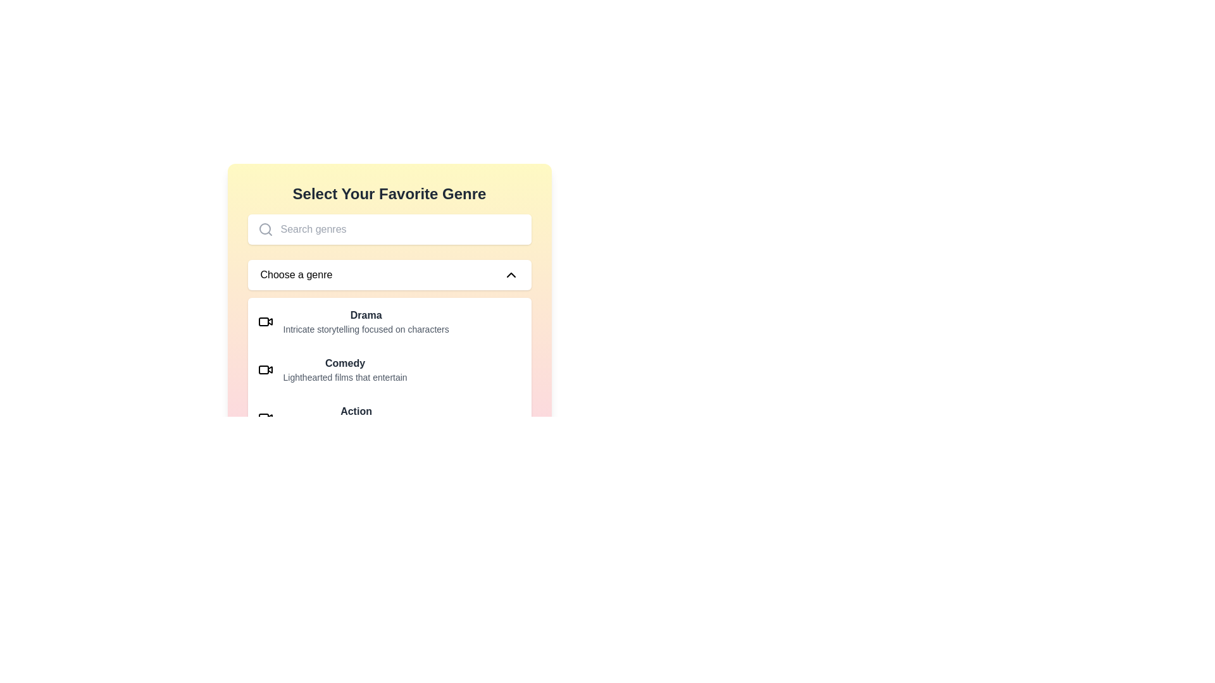  I want to click on the central circular part of the search icon located within the search bar, which is adjacent to the 'Search genres' text input field, so click(264, 229).